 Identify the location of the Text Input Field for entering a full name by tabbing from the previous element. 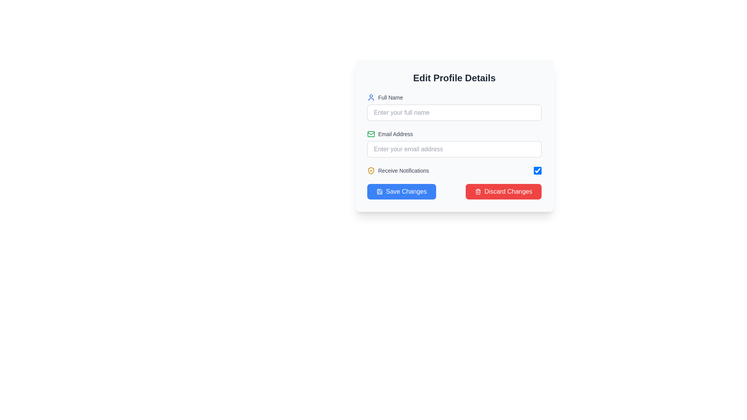
(454, 107).